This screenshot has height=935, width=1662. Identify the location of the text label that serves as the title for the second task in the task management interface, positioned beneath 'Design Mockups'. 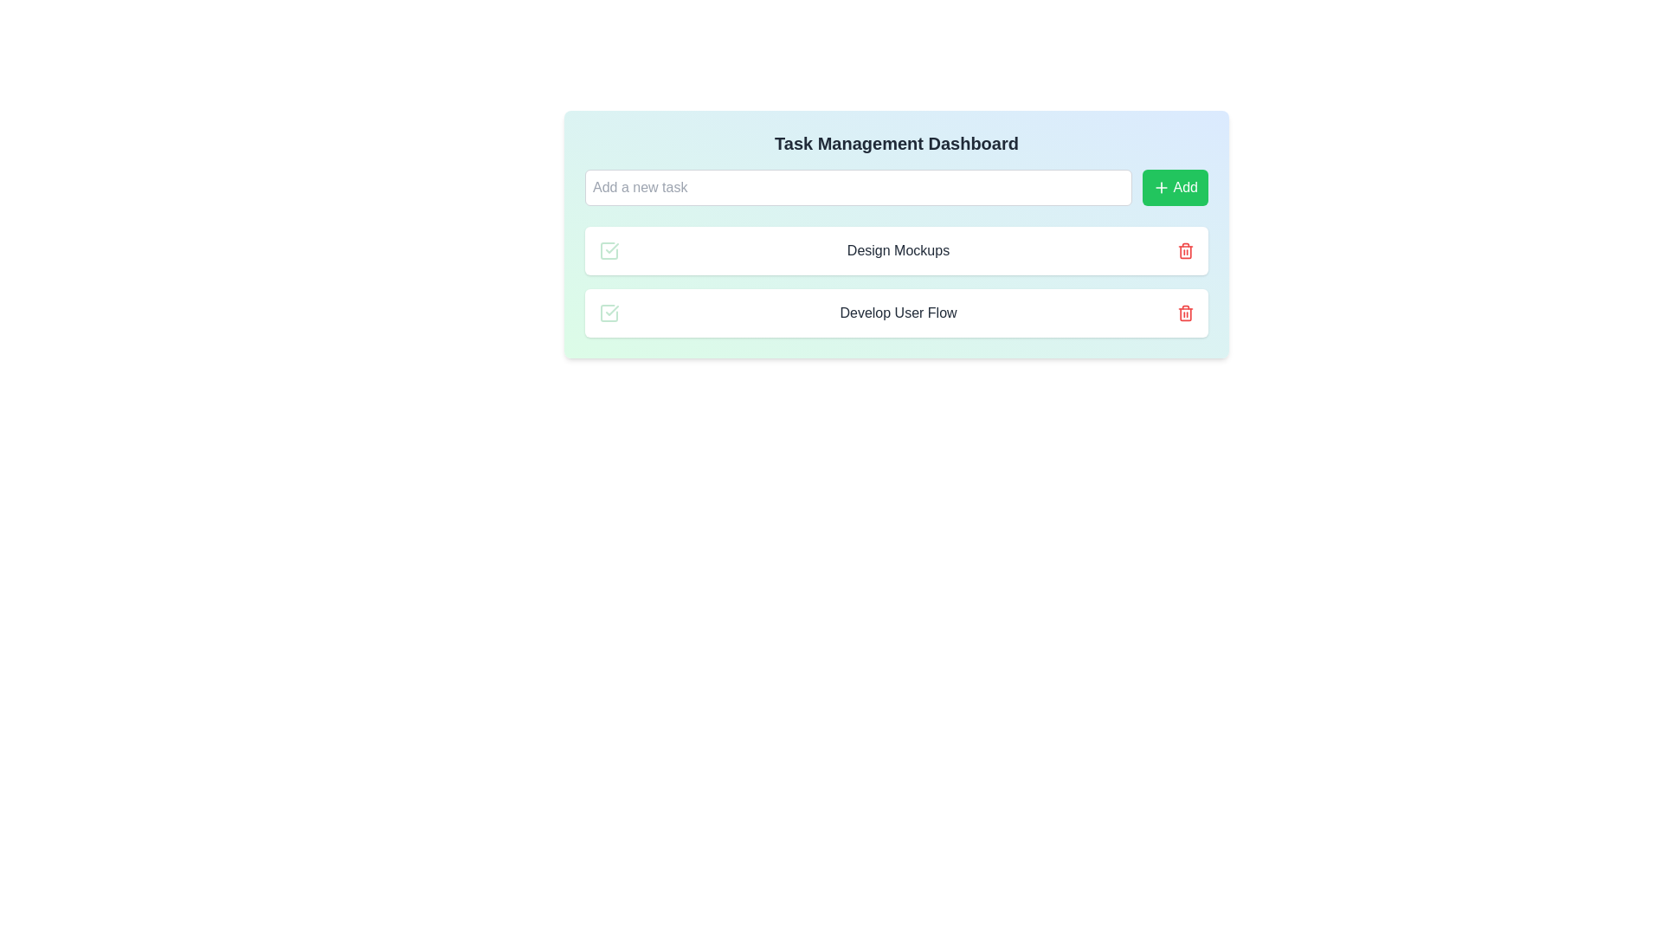
(898, 313).